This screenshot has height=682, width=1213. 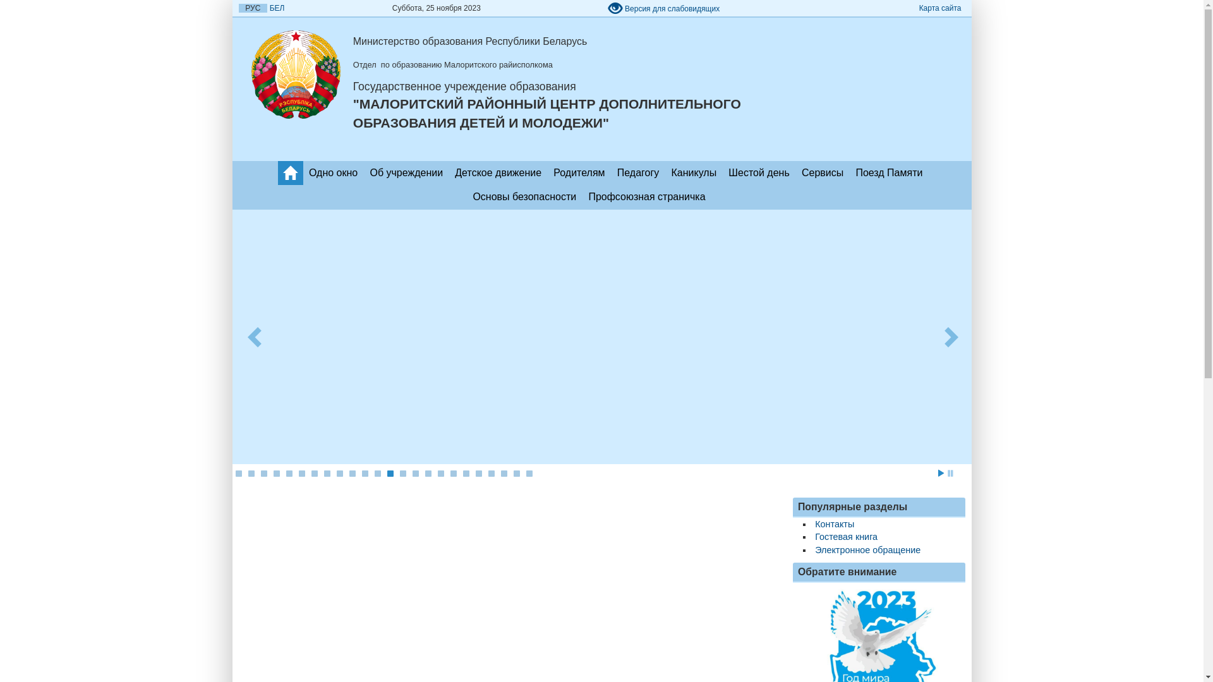 What do you see at coordinates (478, 473) in the screenshot?
I see `'20'` at bounding box center [478, 473].